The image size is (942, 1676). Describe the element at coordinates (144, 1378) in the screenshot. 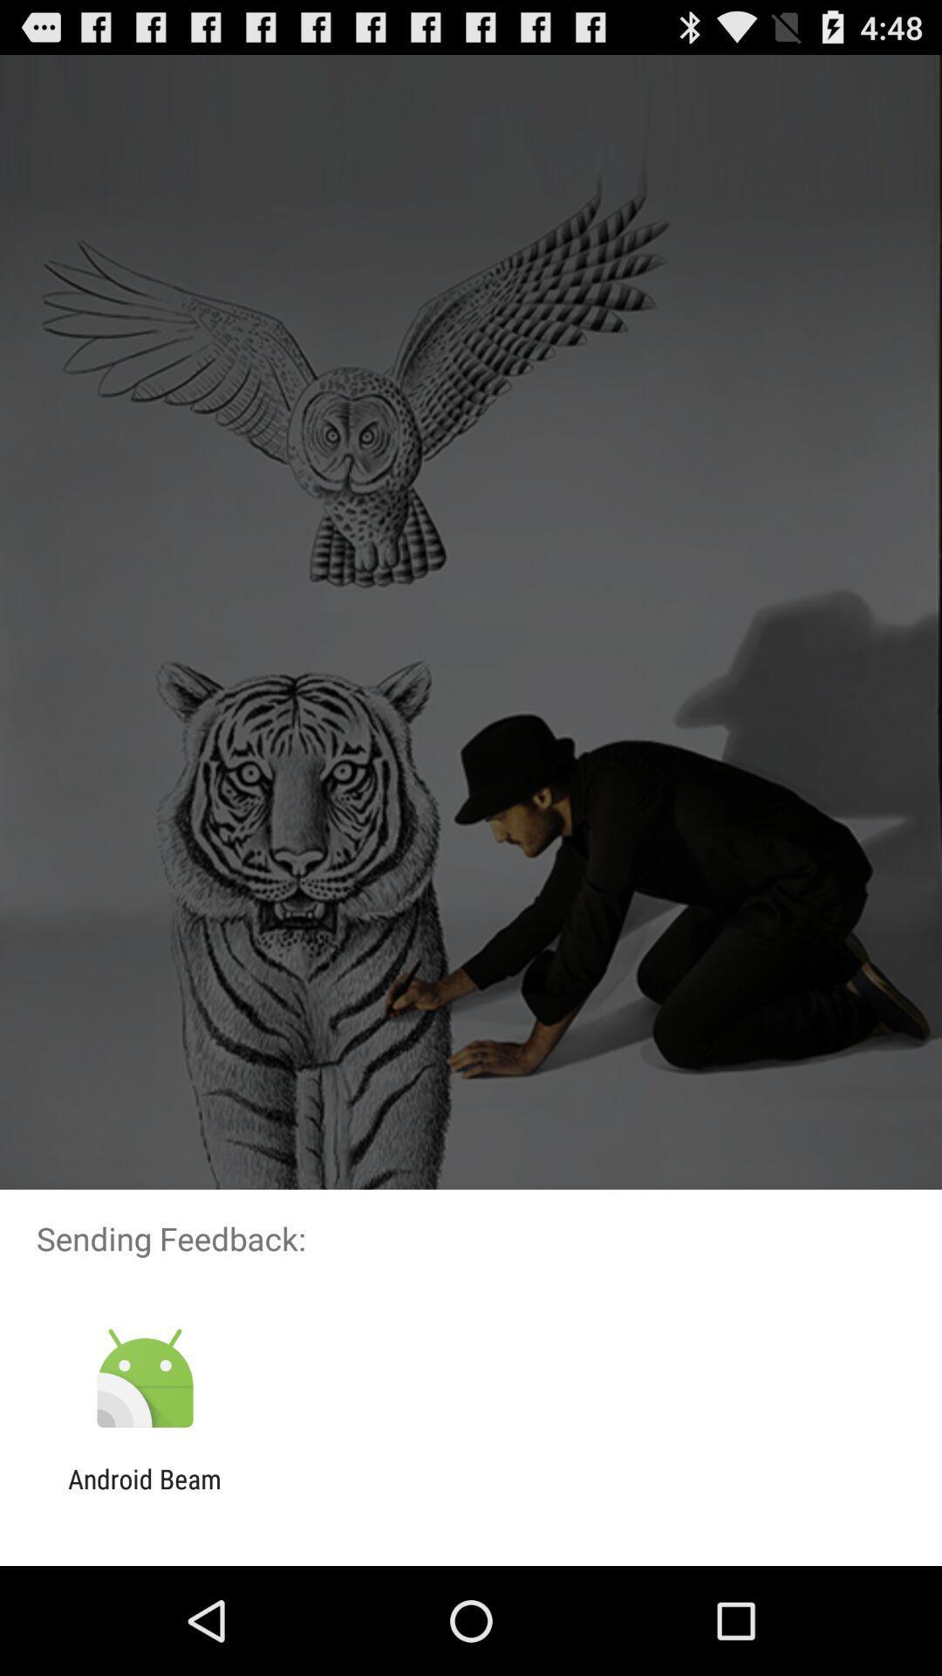

I see `icon above android beam app` at that location.